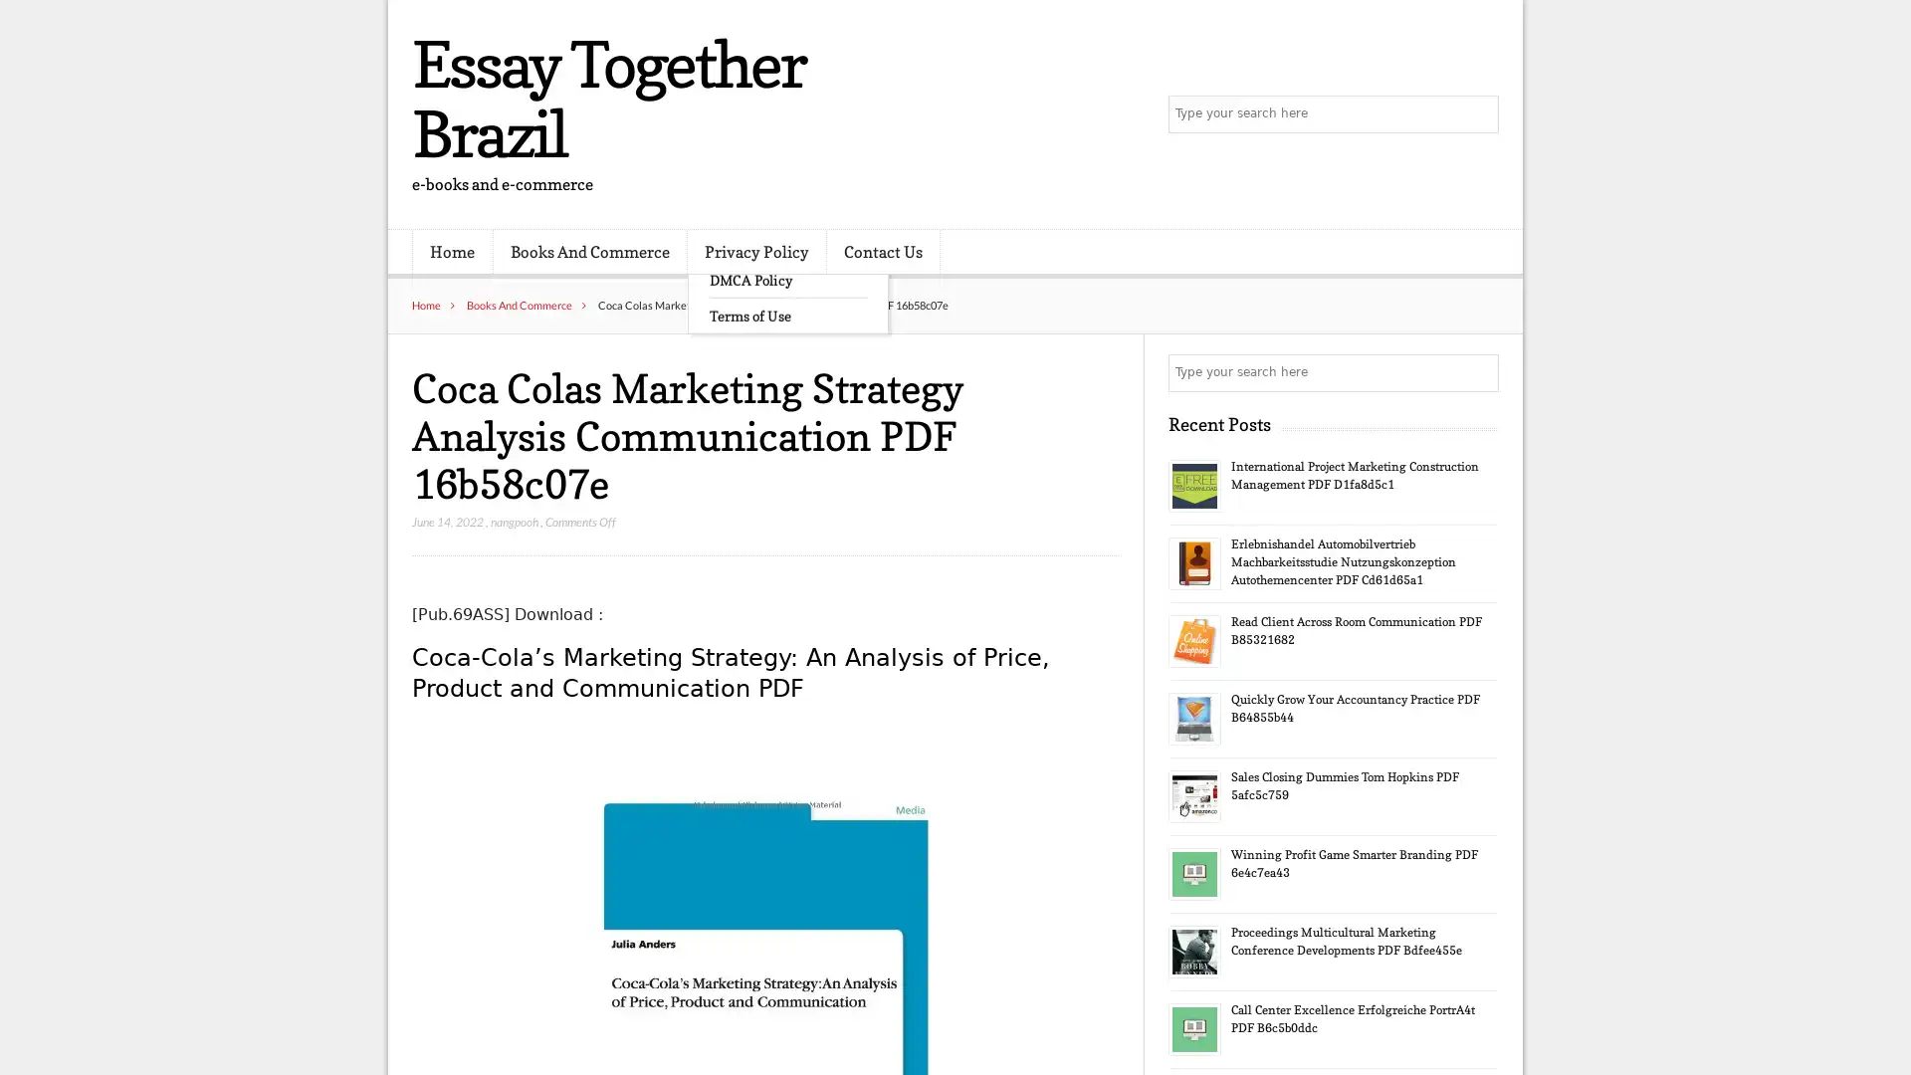 The image size is (1911, 1075). What do you see at coordinates (1478, 372) in the screenshot?
I see `Search` at bounding box center [1478, 372].